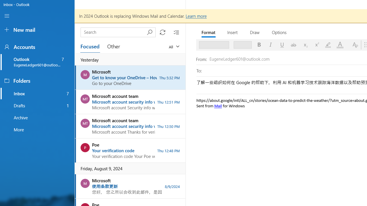 This screenshot has width=367, height=206. I want to click on 'Outlook, EugeneLedger601@outlook.com, 7 unread', so click(37, 62).